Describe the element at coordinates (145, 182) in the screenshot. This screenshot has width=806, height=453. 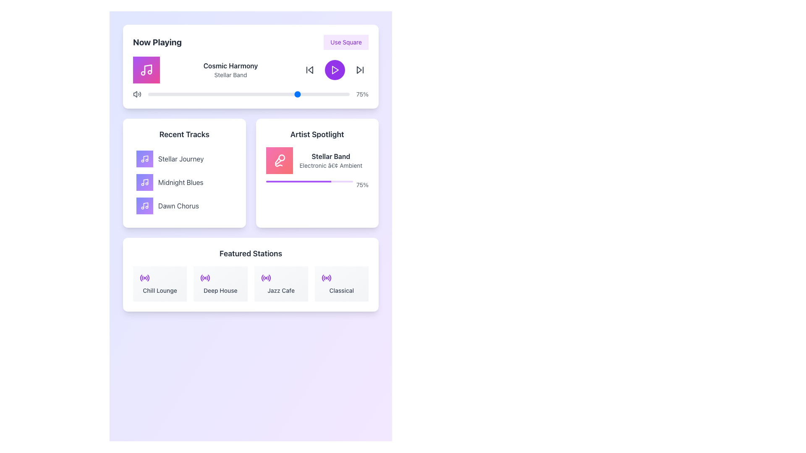
I see `the 'Midnight Blues' track icon in the 'Recent Tracks' section, which is the second element in the vertical list` at that location.